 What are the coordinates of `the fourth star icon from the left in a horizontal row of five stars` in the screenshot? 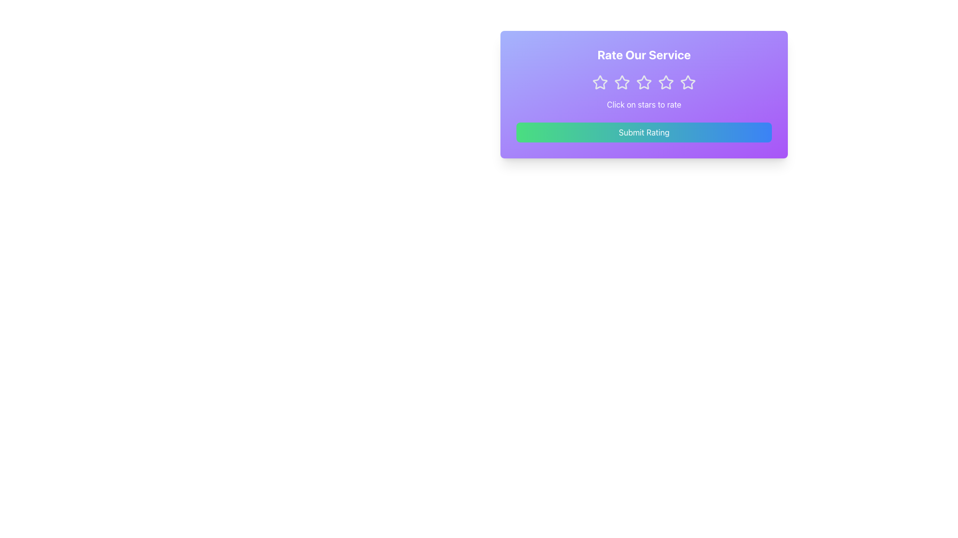 It's located at (666, 82).